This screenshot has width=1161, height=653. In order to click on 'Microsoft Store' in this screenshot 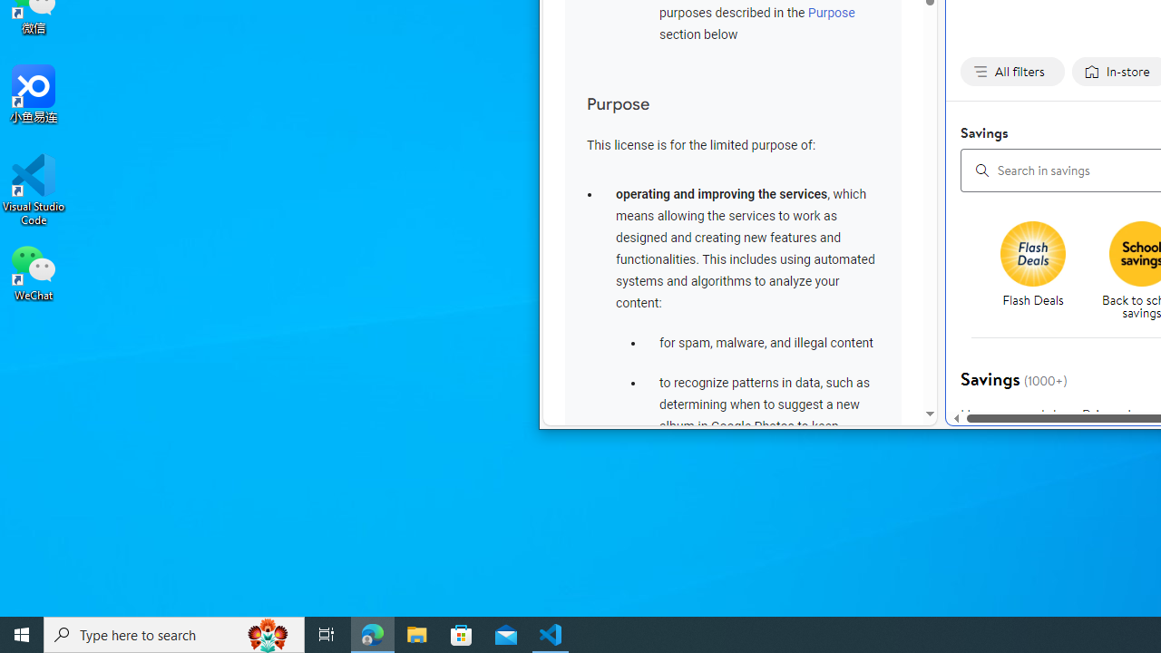, I will do `click(462, 633)`.